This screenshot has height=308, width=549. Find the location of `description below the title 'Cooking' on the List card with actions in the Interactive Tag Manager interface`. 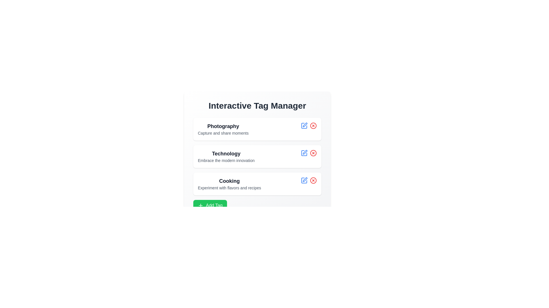

description below the title 'Cooking' on the List card with actions in the Interactive Tag Manager interface is located at coordinates (257, 184).